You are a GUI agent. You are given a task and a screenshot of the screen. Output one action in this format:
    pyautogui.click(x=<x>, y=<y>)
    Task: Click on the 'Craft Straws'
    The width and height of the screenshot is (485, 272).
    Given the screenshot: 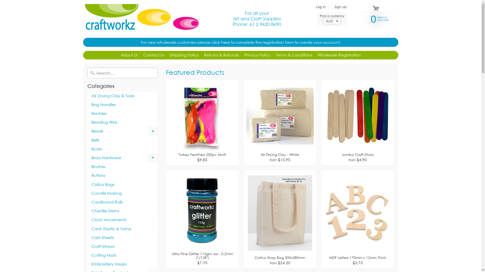 What is the action you would take?
    pyautogui.click(x=87, y=246)
    